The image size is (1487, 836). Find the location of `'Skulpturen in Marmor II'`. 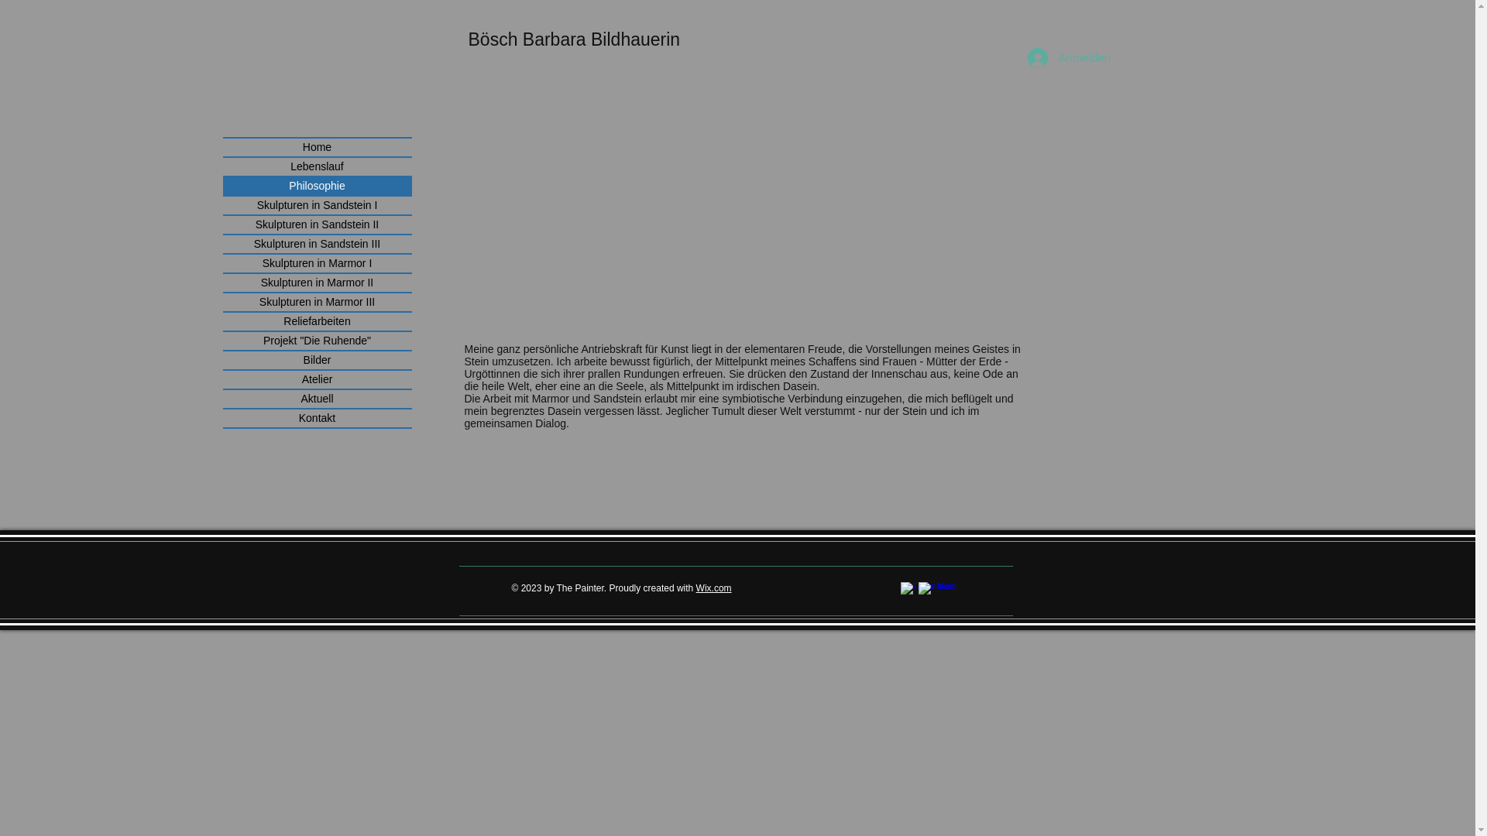

'Skulpturen in Marmor II' is located at coordinates (316, 283).